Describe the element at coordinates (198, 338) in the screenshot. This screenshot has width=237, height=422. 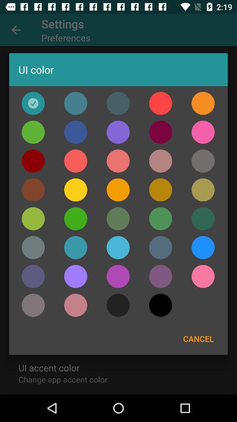
I see `the cancel item` at that location.